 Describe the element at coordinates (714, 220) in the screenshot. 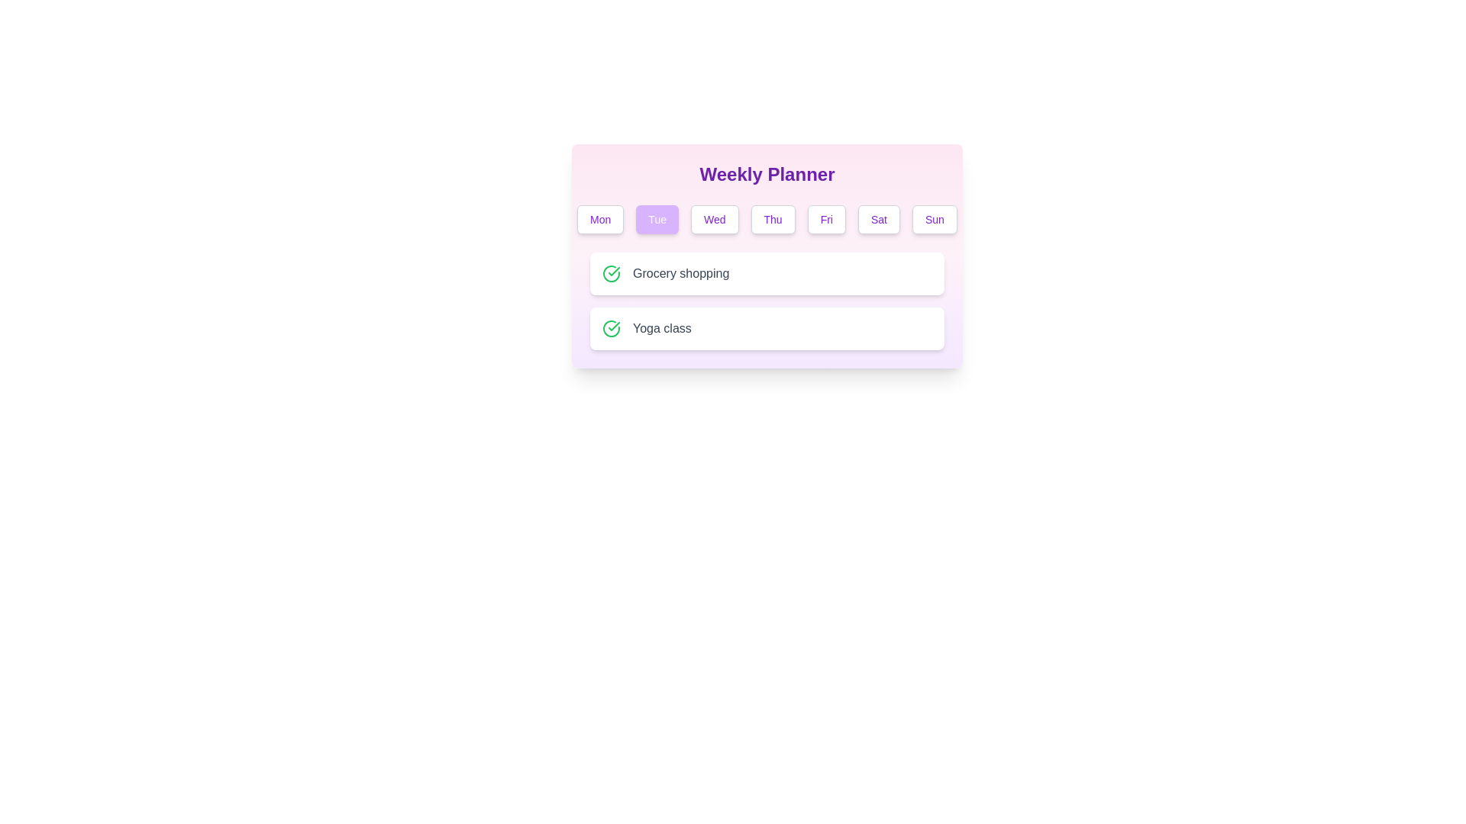

I see `the element Wed to observe visual feedback` at that location.